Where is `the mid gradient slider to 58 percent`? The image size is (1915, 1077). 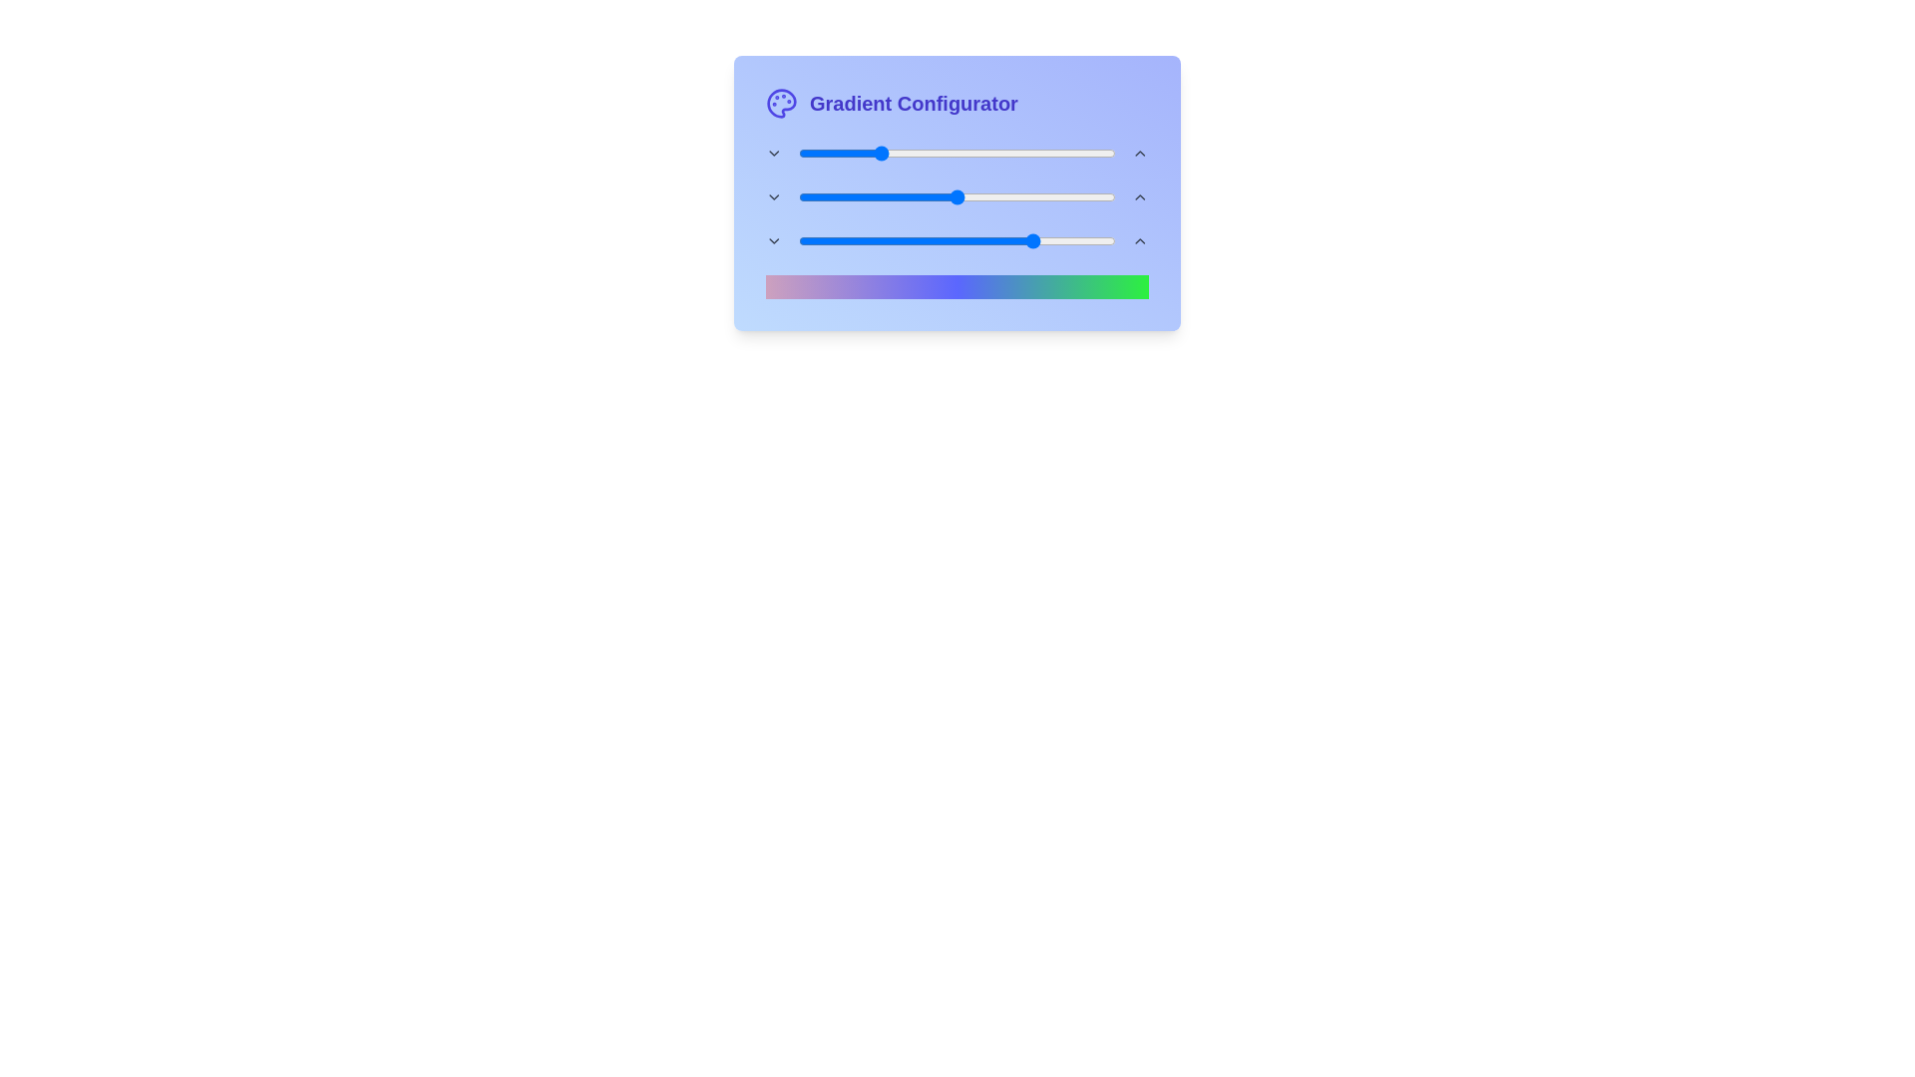
the mid gradient slider to 58 percent is located at coordinates (982, 196).